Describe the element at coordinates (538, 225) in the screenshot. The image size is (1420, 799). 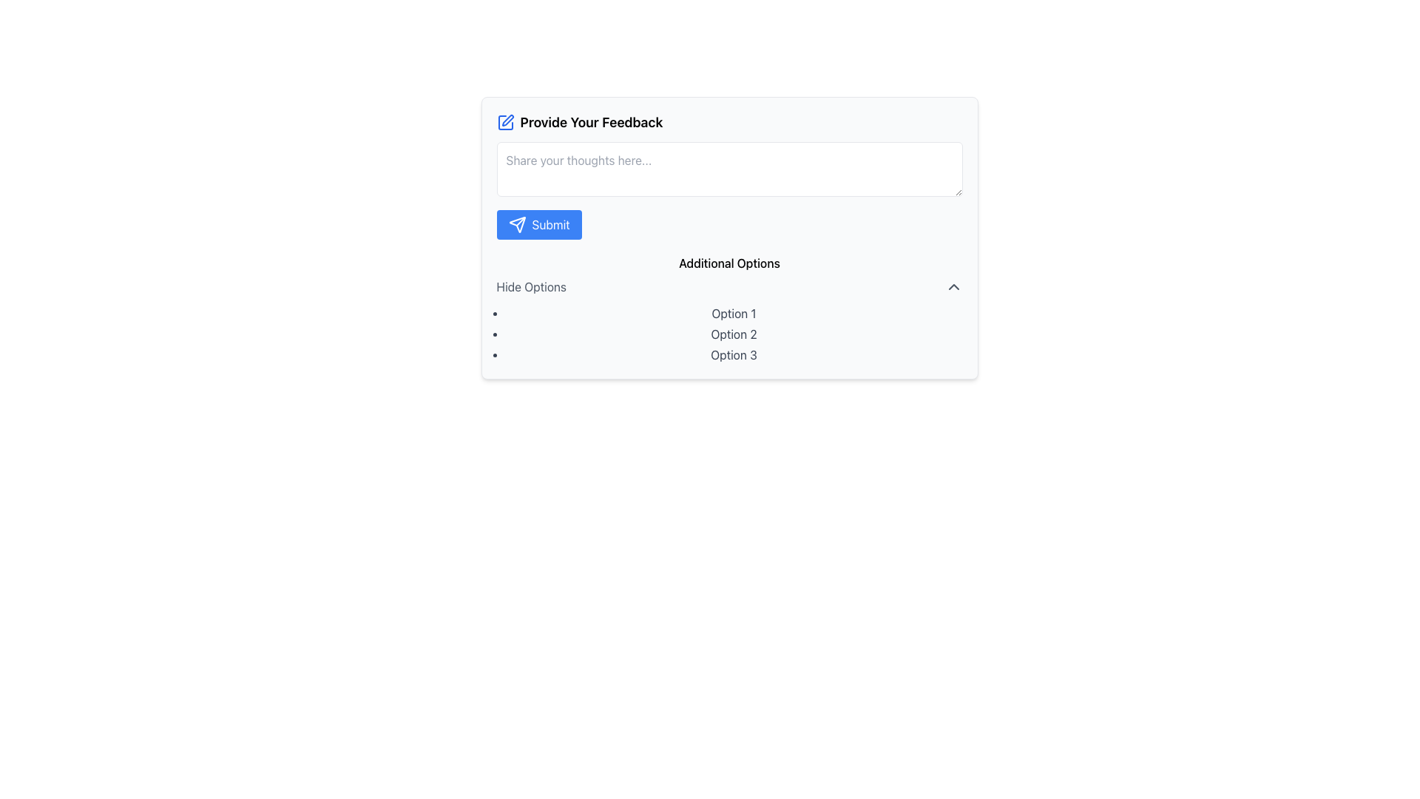
I see `the feedback submission button located beneath the text input field` at that location.